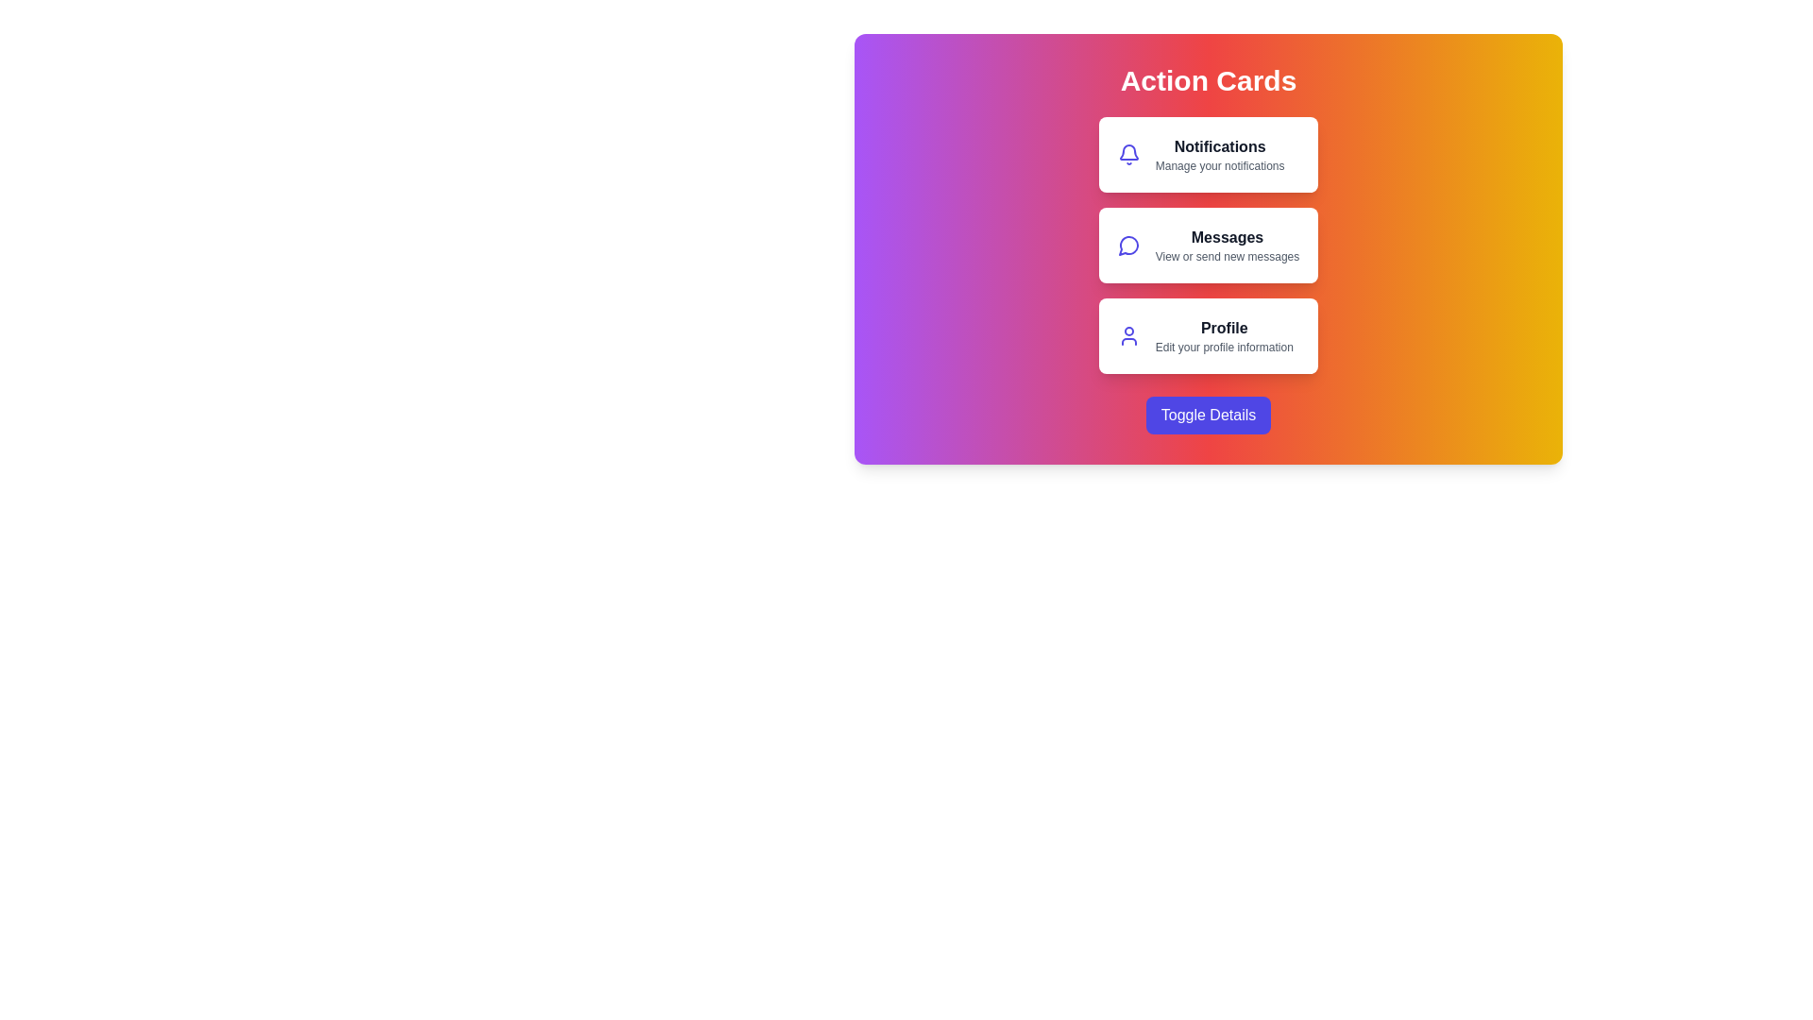 The width and height of the screenshot is (1813, 1020). What do you see at coordinates (1228, 236) in the screenshot?
I see `the 'Messages' text label, which is styled in bold dark gray and located in the second card of the interface, positioned between 'Notifications' and 'Profile'` at bounding box center [1228, 236].